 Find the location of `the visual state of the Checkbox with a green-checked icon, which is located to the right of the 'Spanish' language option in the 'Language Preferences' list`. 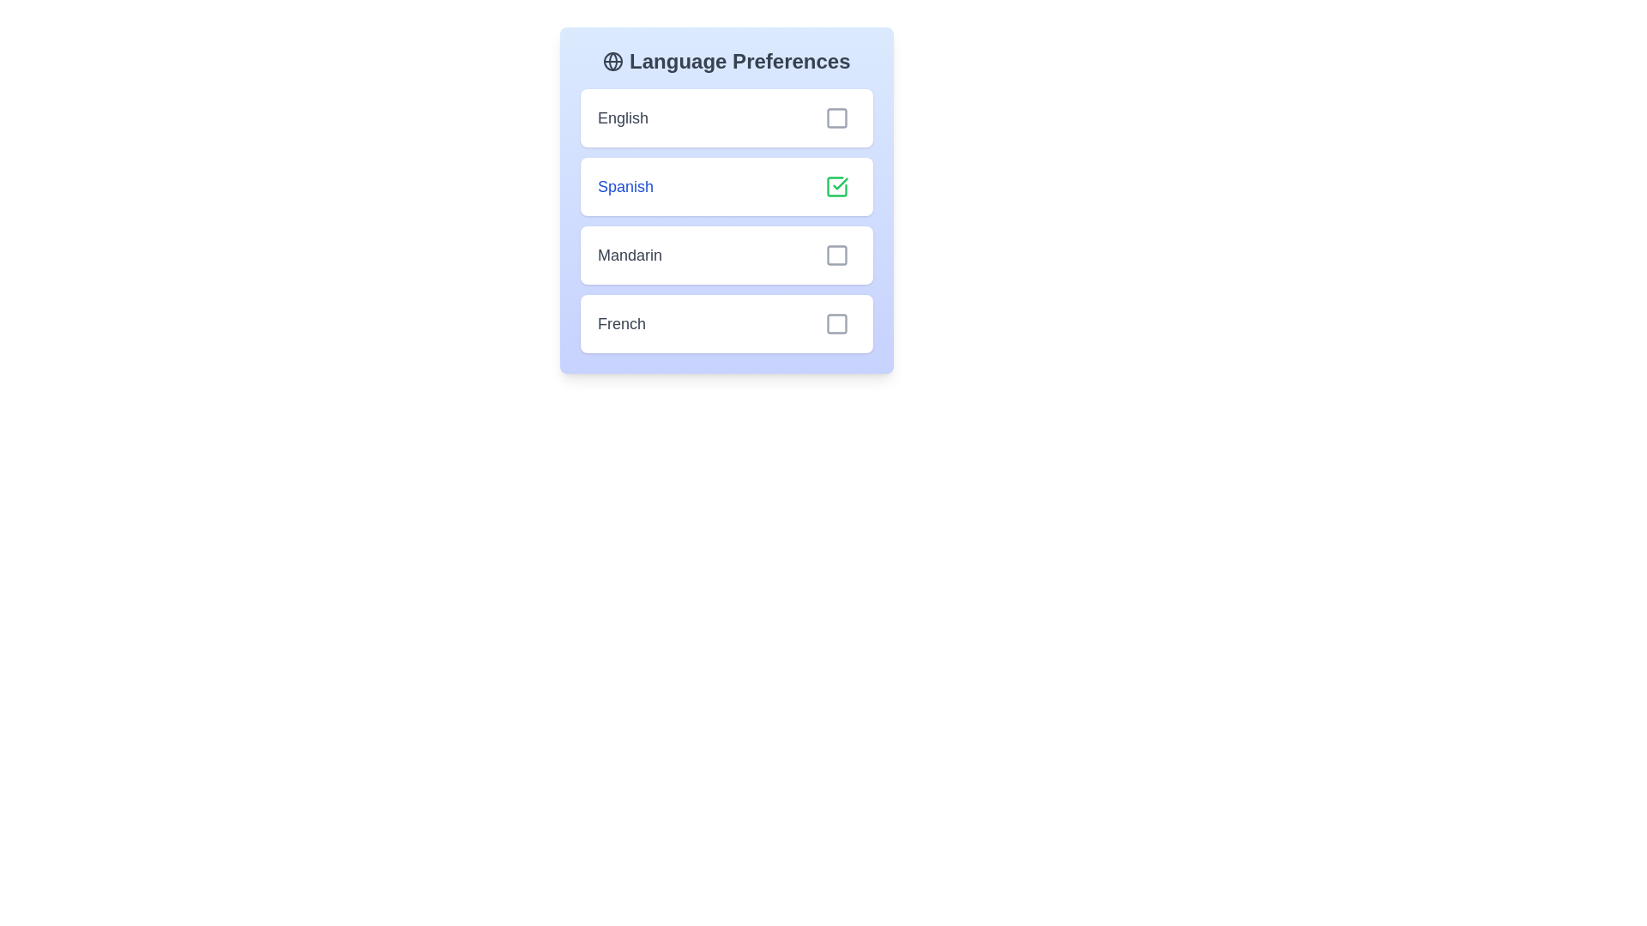

the visual state of the Checkbox with a green-checked icon, which is located to the right of the 'Spanish' language option in the 'Language Preferences' list is located at coordinates (836, 187).